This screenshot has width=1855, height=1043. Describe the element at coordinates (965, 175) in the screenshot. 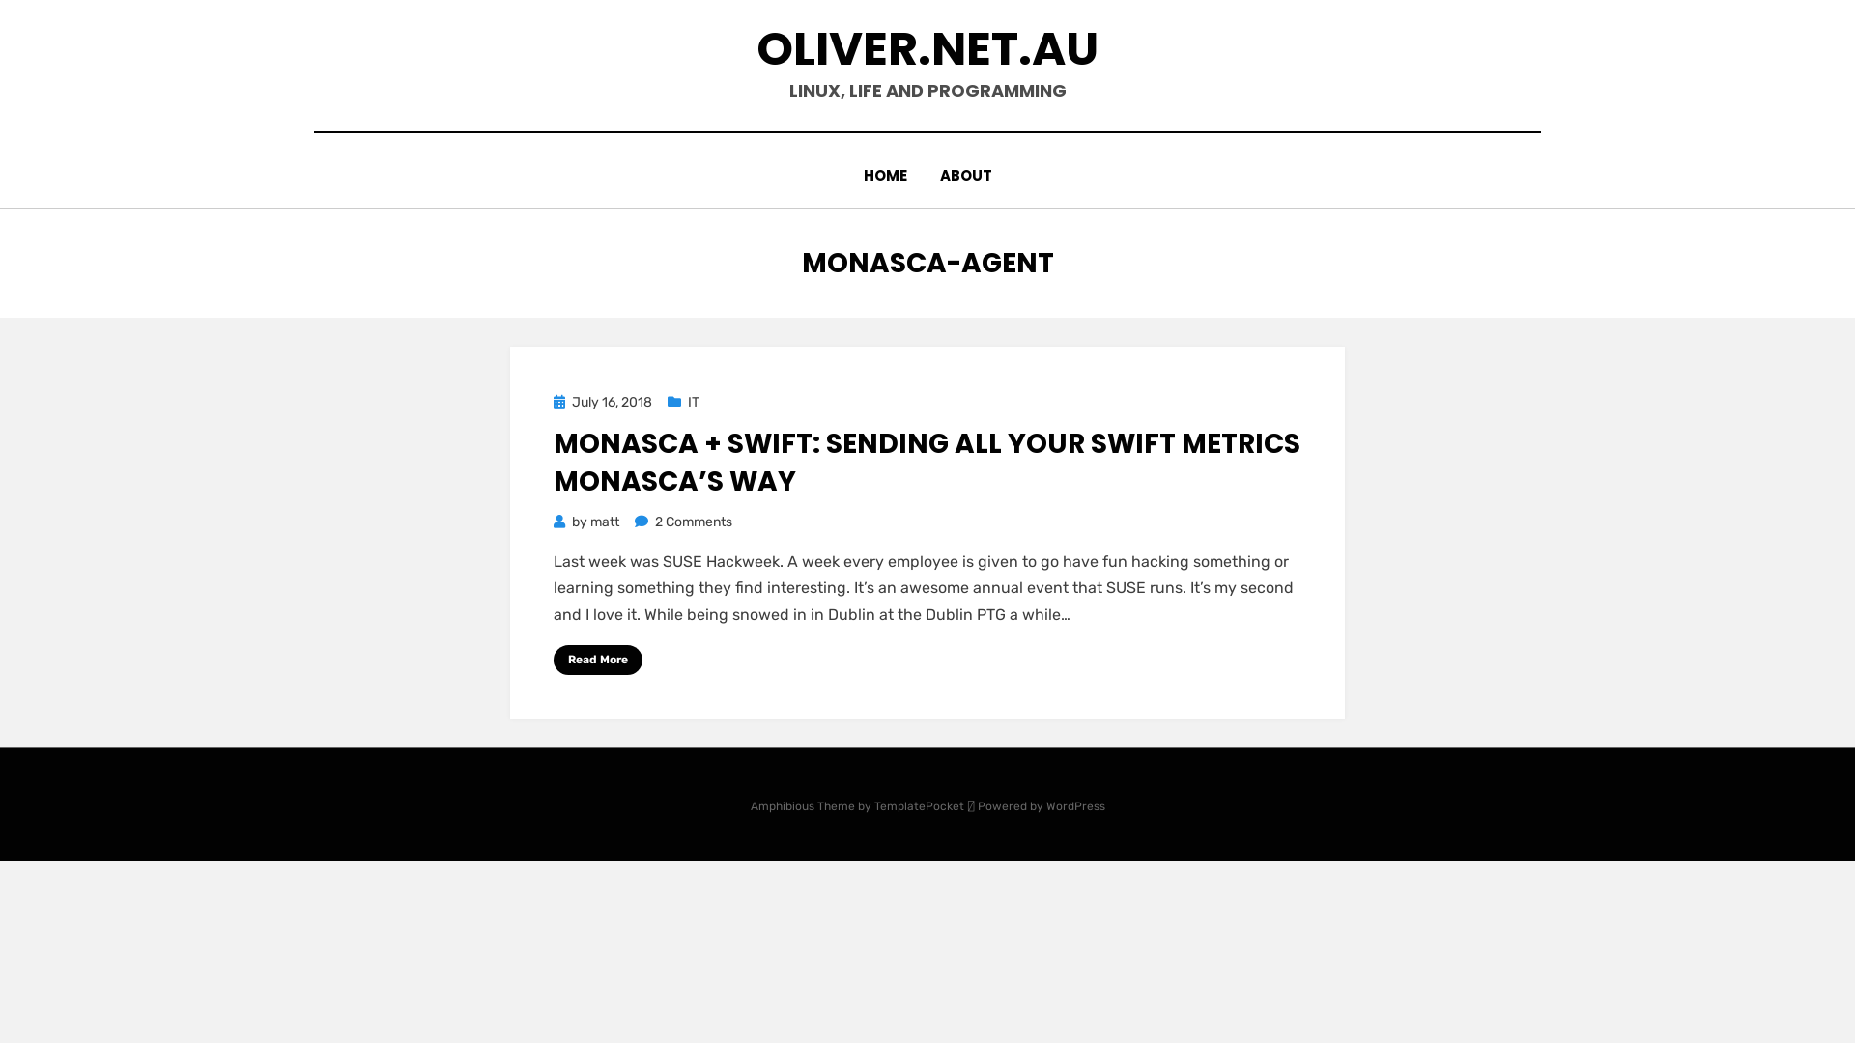

I see `'ABOUT'` at that location.